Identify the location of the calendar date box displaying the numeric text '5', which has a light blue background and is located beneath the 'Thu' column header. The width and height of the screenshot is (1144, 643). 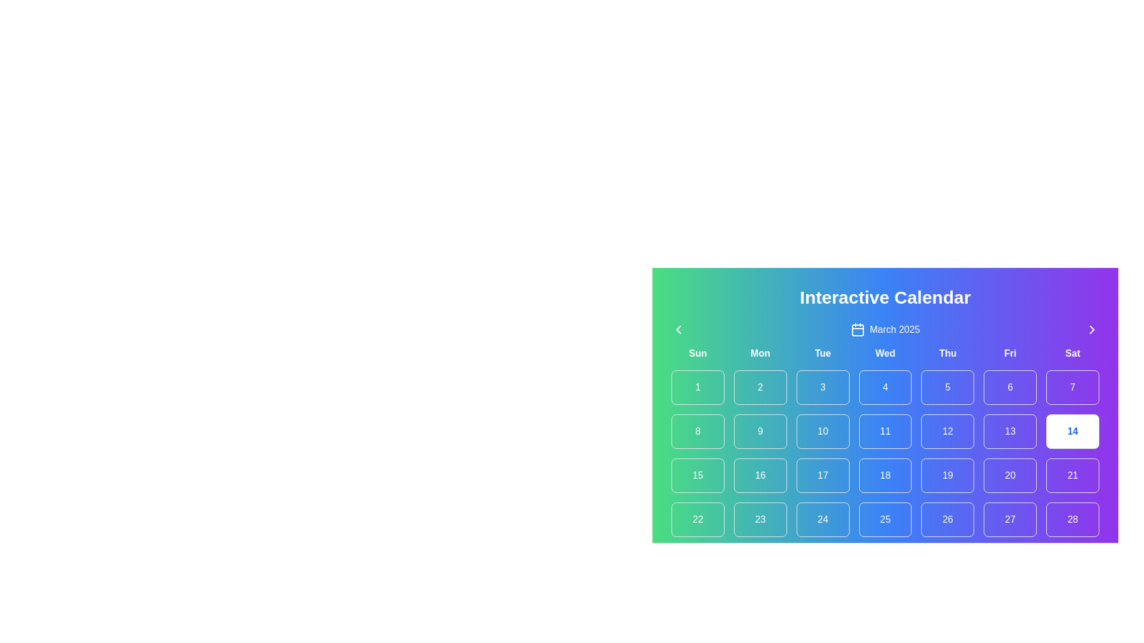
(947, 388).